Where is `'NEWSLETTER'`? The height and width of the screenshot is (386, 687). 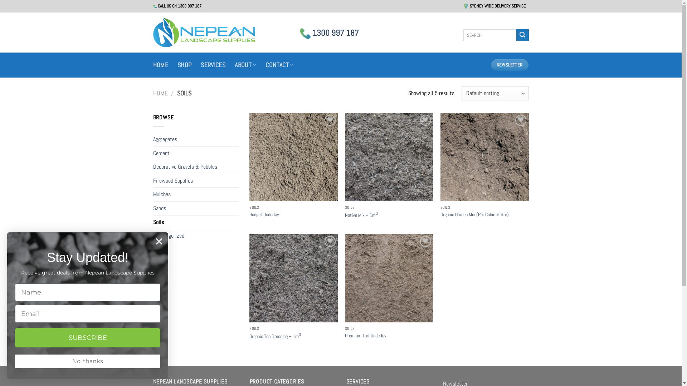 'NEWSLETTER' is located at coordinates (509, 65).